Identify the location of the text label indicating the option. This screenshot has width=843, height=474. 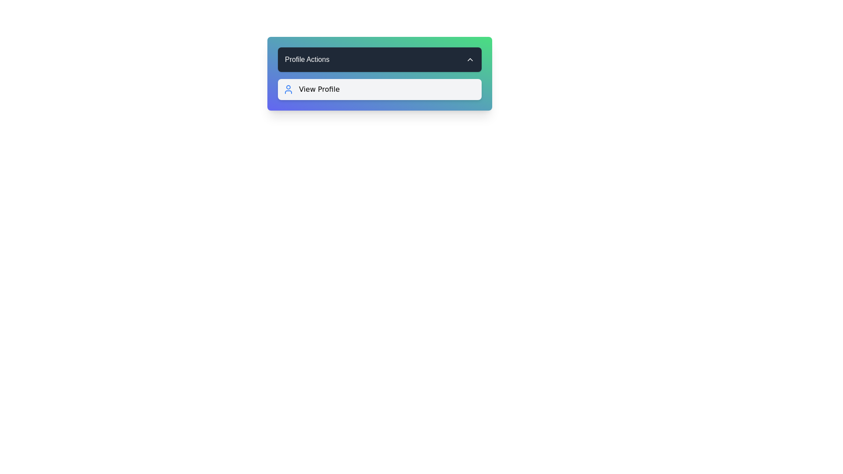
(319, 90).